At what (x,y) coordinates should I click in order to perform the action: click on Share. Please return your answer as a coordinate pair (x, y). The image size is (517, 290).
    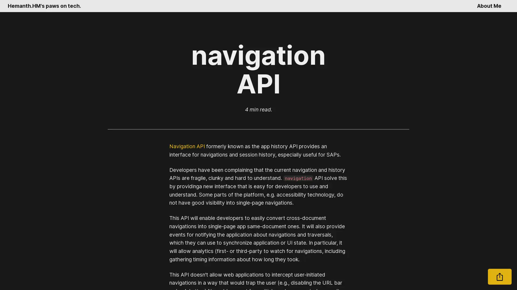
    Looking at the image, I should click on (499, 277).